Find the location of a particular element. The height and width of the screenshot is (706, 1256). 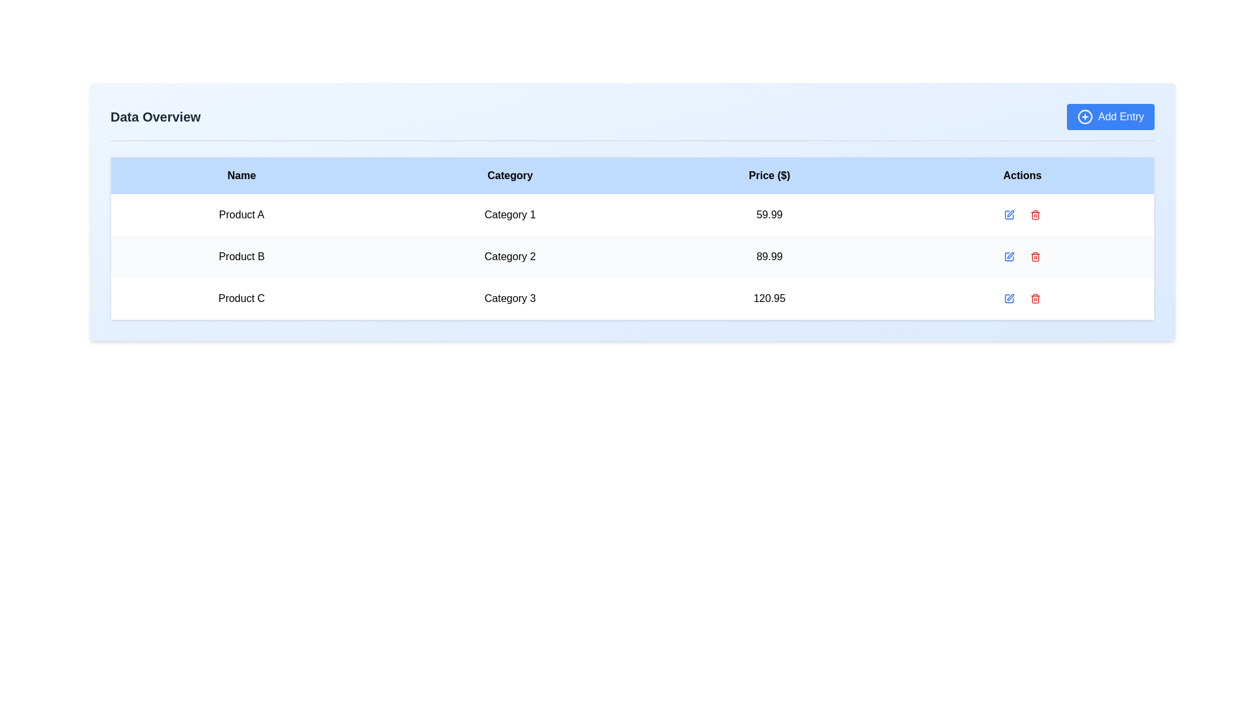

the Text Label in the first row of the table under the 'Name' column is located at coordinates (241, 214).